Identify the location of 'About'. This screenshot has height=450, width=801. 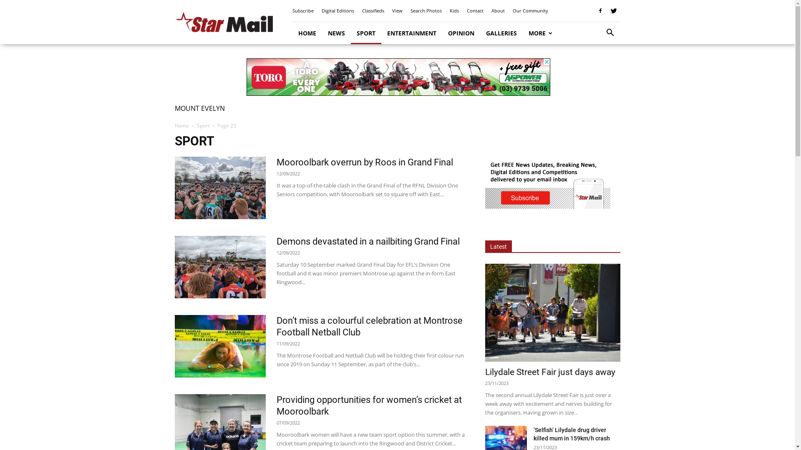
(491, 10).